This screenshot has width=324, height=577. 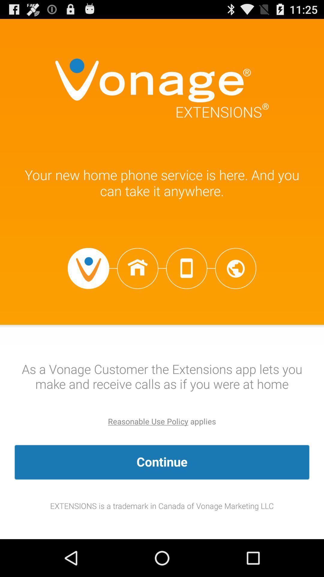 What do you see at coordinates (162, 462) in the screenshot?
I see `app below reasonable use policy` at bounding box center [162, 462].